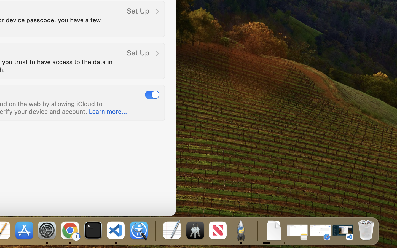 Image resolution: width=397 pixels, height=248 pixels. What do you see at coordinates (155, 231) in the screenshot?
I see `'0.4285714328289032'` at bounding box center [155, 231].